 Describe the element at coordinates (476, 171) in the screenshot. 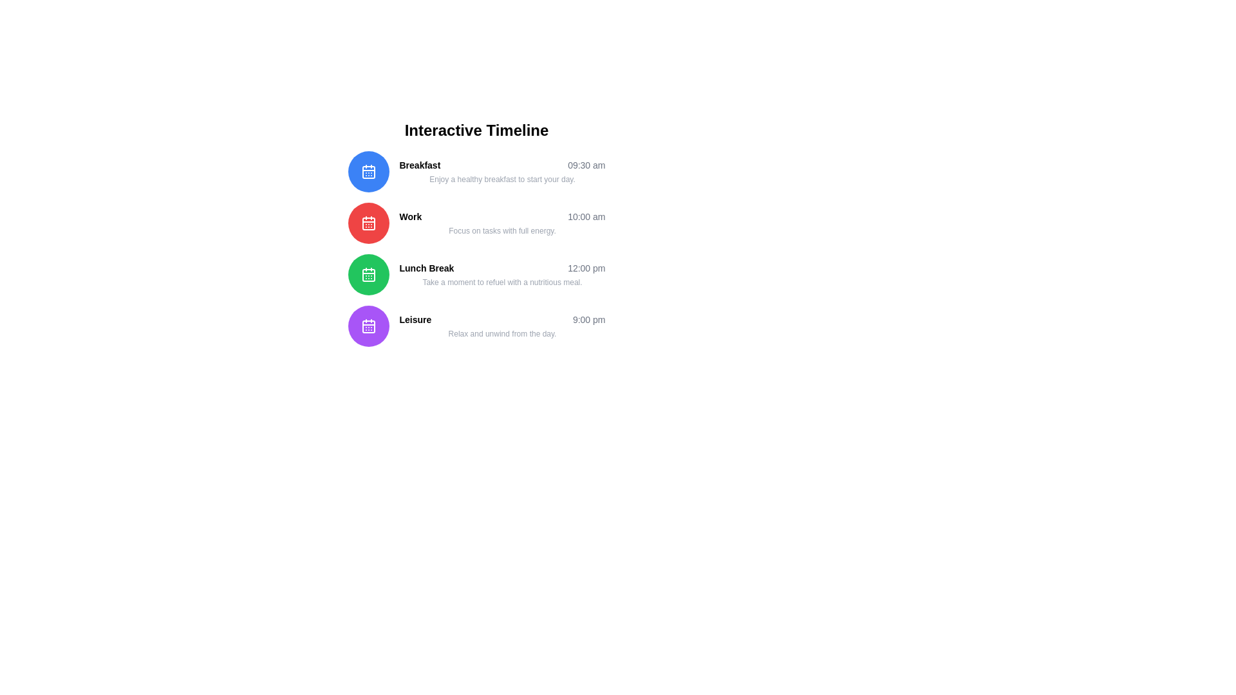

I see `the first list item in the 'Interactive Timeline' section, which features a blue circular icon with a white calendar symbol, bold black text 'Breakfast', and a gray timestamp '09:30 am'` at that location.